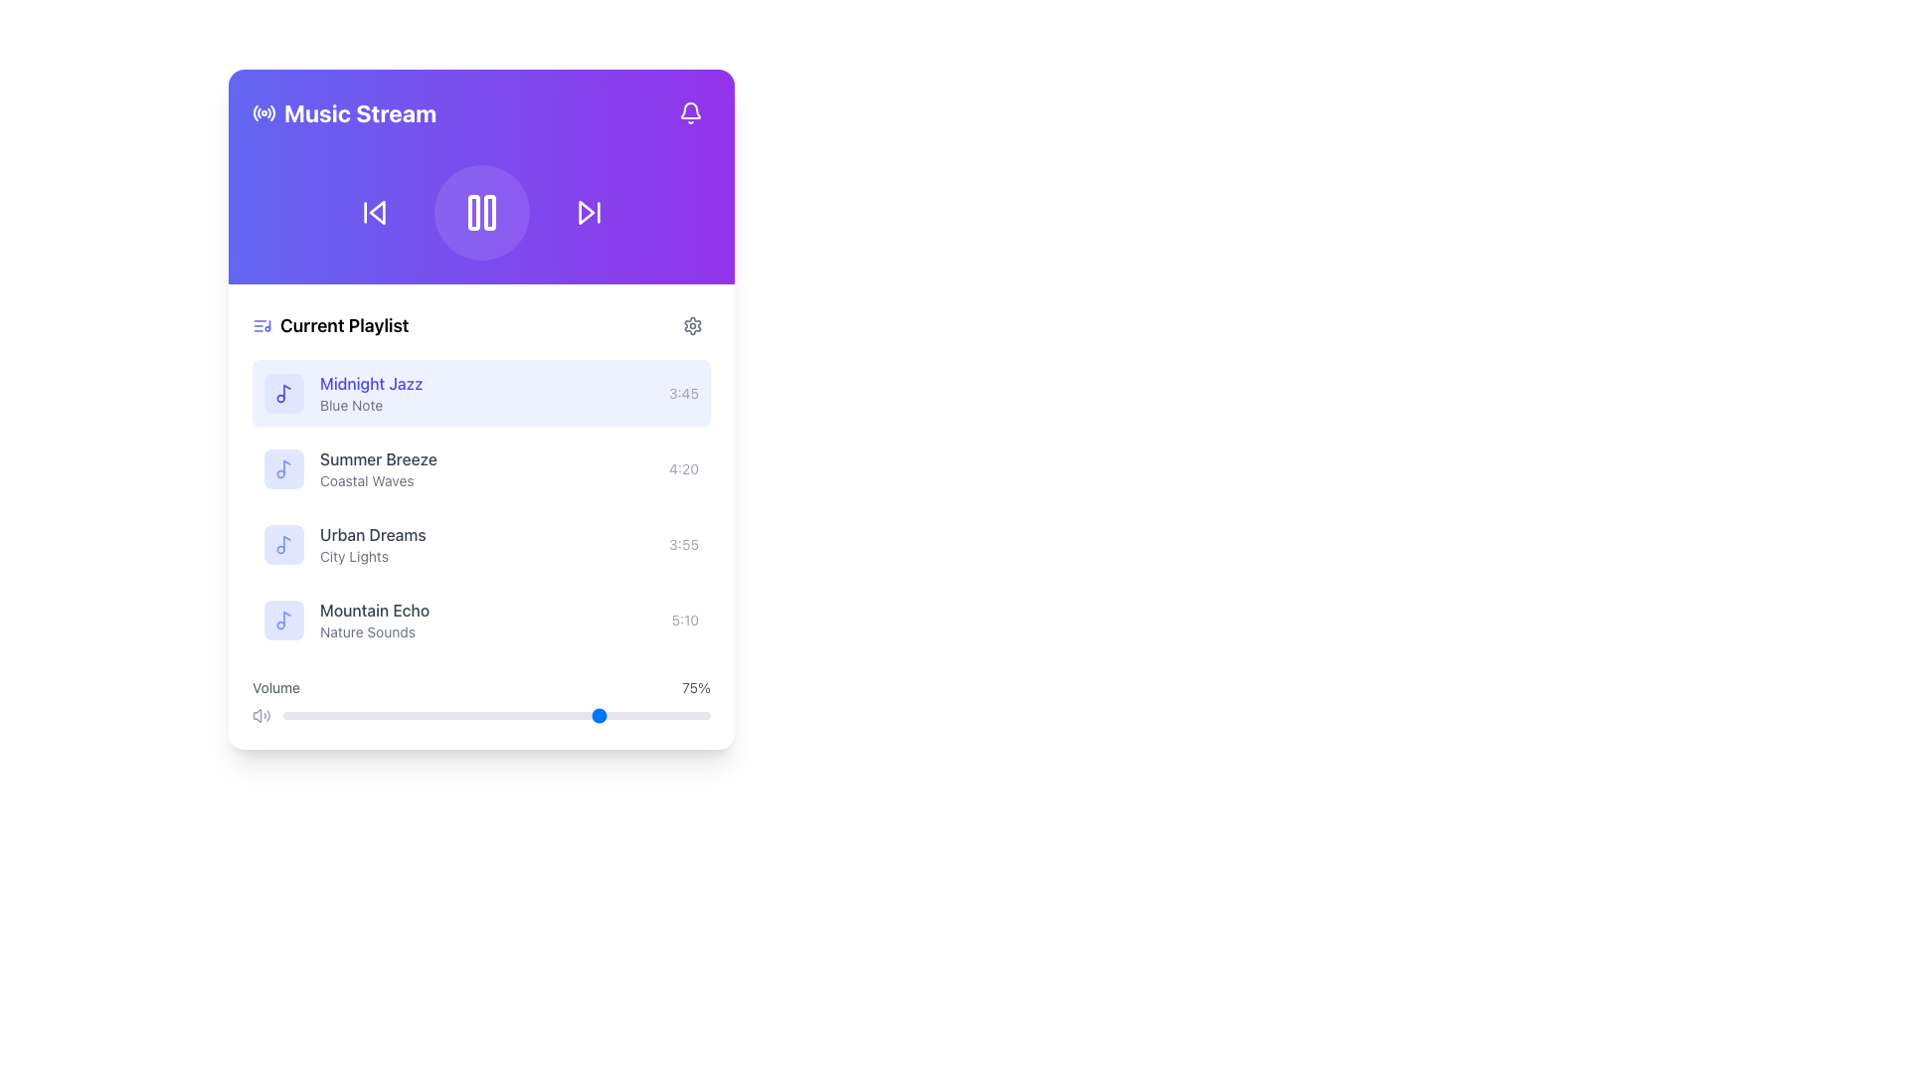  I want to click on the music note icon associated with 'Midnight Jazz' in the 'Current Playlist', so click(285, 392).